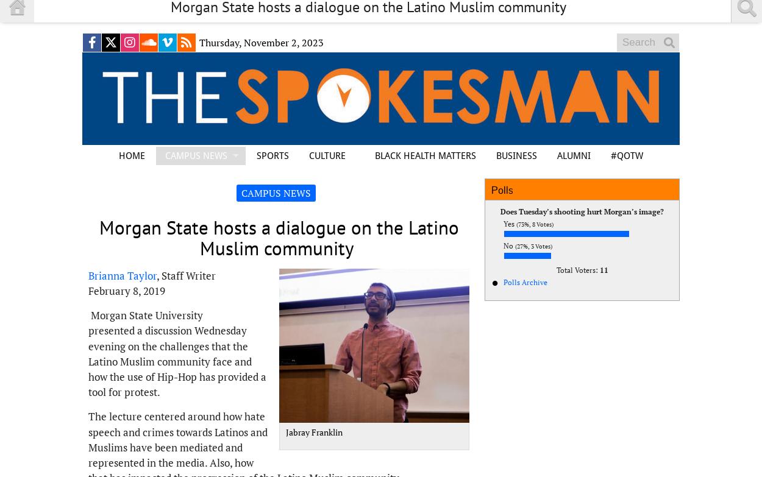  I want to click on 'Brianna Taylor', so click(122, 275).